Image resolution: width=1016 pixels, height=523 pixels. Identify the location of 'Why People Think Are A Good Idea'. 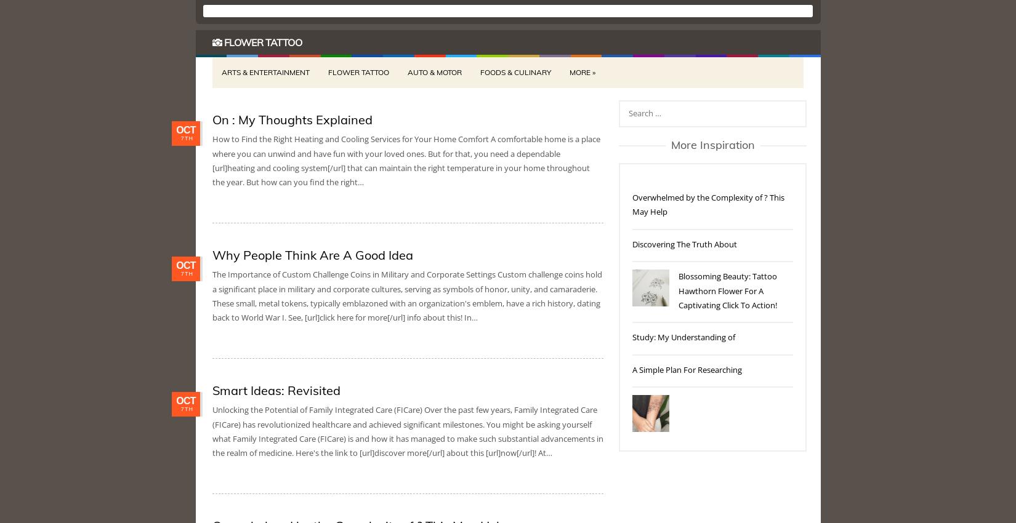
(212, 255).